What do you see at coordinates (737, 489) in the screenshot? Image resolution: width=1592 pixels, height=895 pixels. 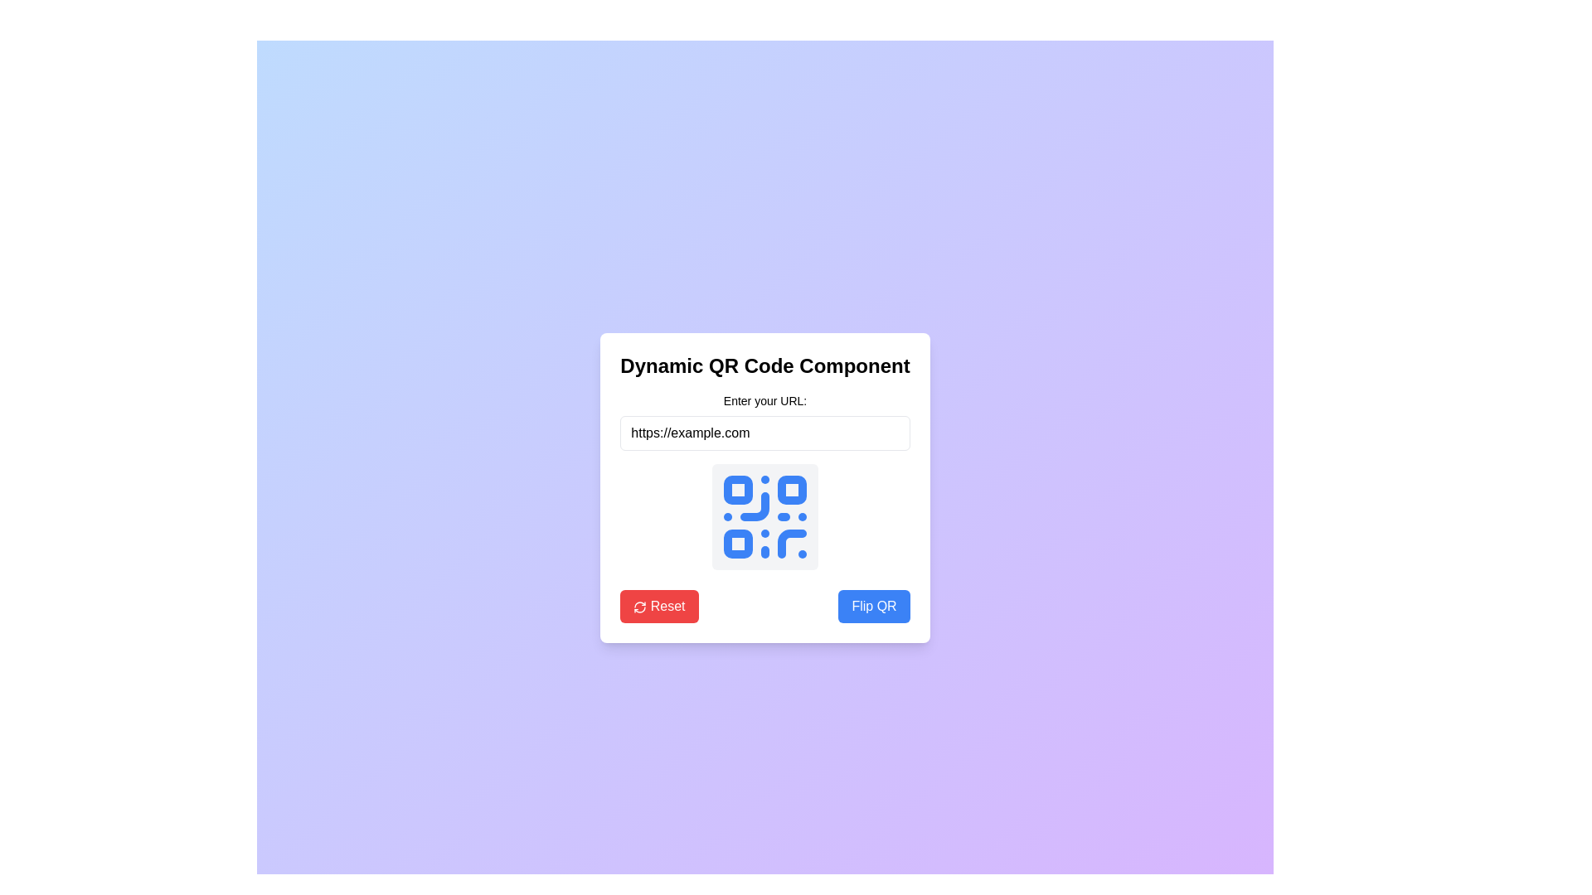 I see `the small square component with rounded corners, blue outline` at bounding box center [737, 489].